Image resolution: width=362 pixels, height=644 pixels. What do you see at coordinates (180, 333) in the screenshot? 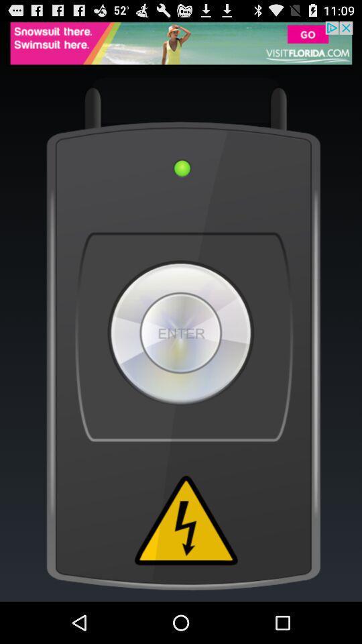
I see `enter` at bounding box center [180, 333].